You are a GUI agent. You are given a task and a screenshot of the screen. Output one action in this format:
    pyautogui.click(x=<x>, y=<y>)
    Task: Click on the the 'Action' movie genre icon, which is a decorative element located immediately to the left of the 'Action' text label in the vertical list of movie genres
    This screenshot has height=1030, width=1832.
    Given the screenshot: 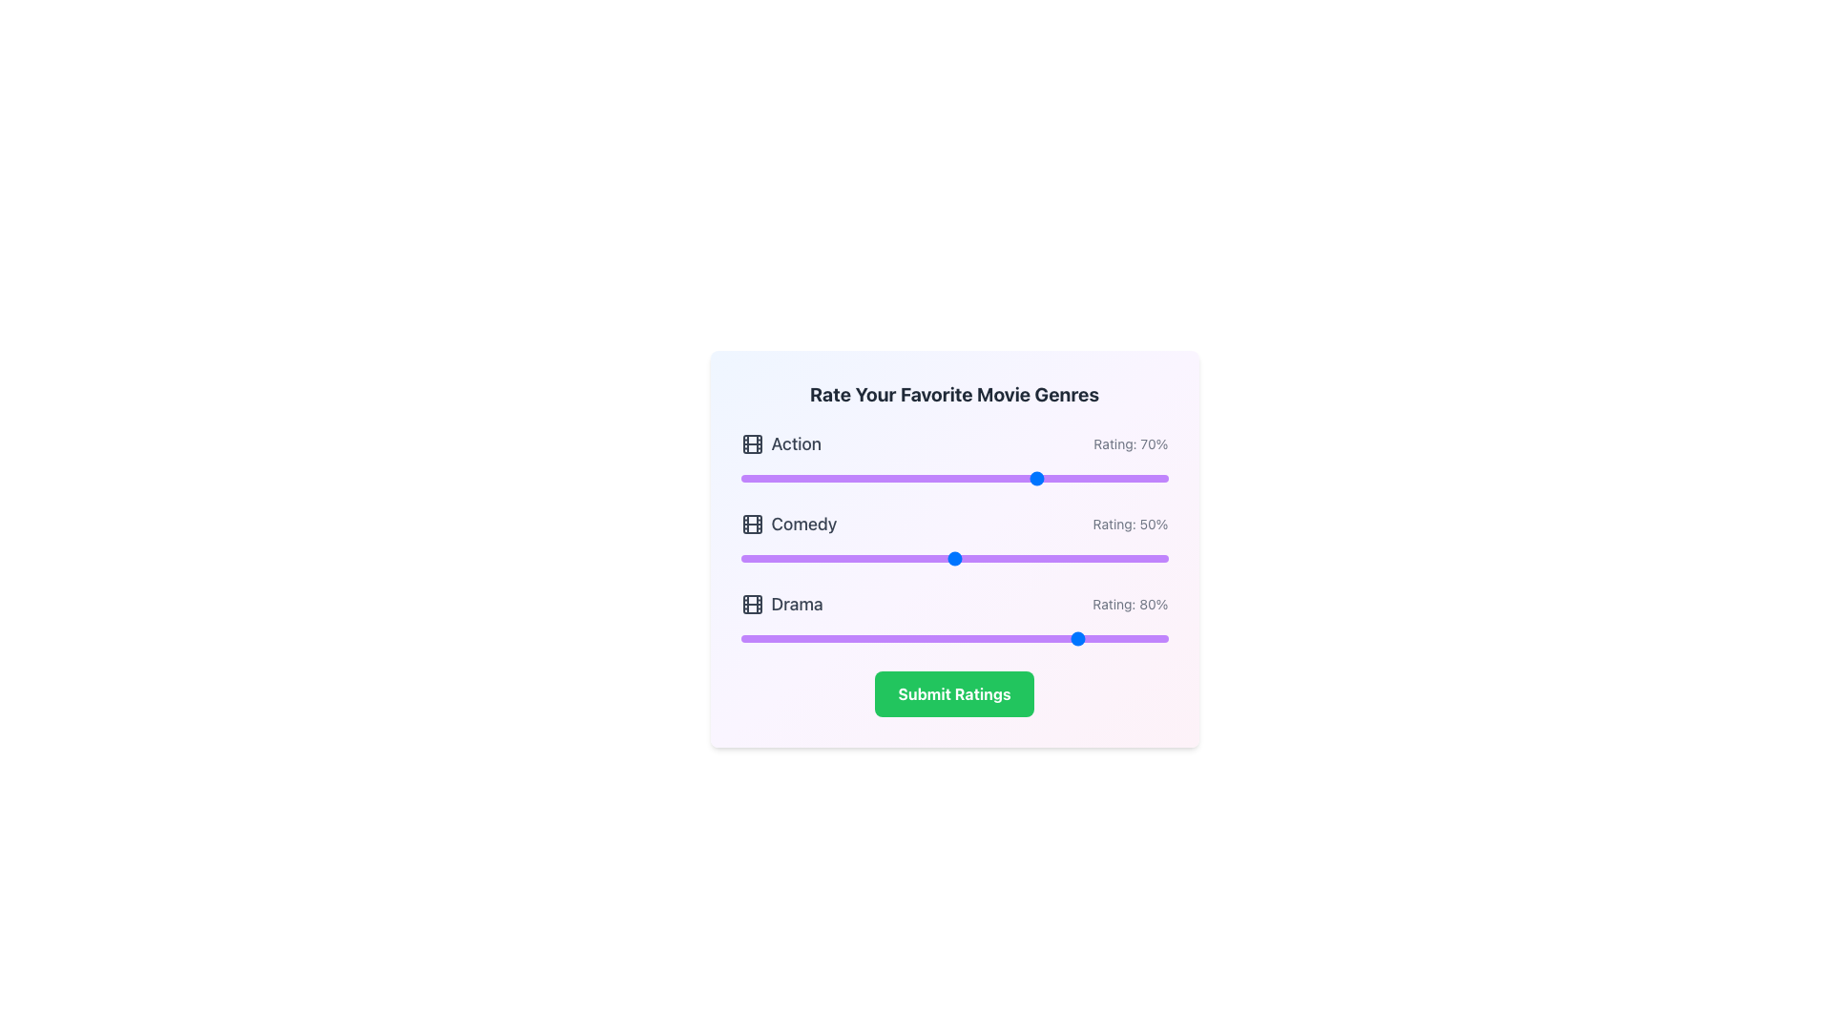 What is the action you would take?
    pyautogui.click(x=751, y=444)
    